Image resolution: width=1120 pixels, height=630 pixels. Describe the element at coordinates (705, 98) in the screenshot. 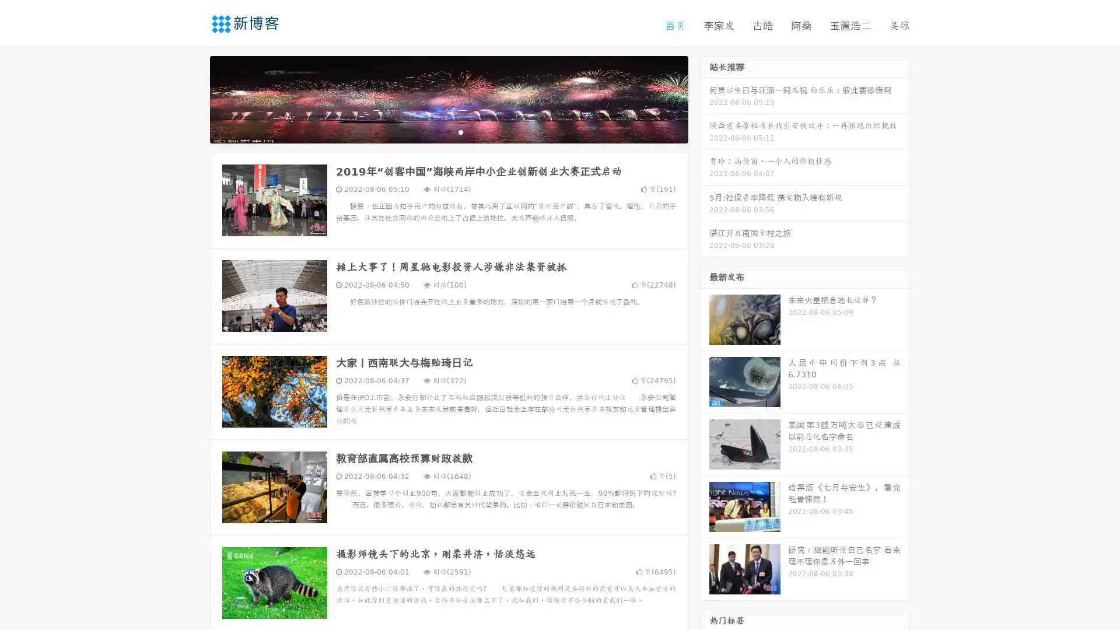

I see `Next slide` at that location.